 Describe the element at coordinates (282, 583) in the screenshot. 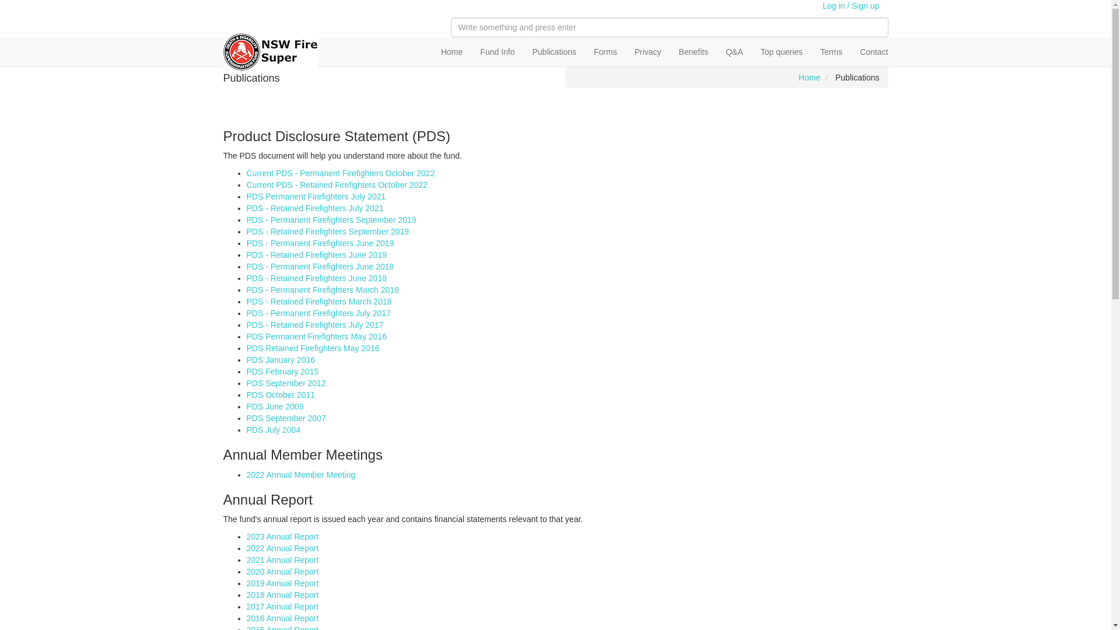

I see `'2019 Annual Report'` at that location.